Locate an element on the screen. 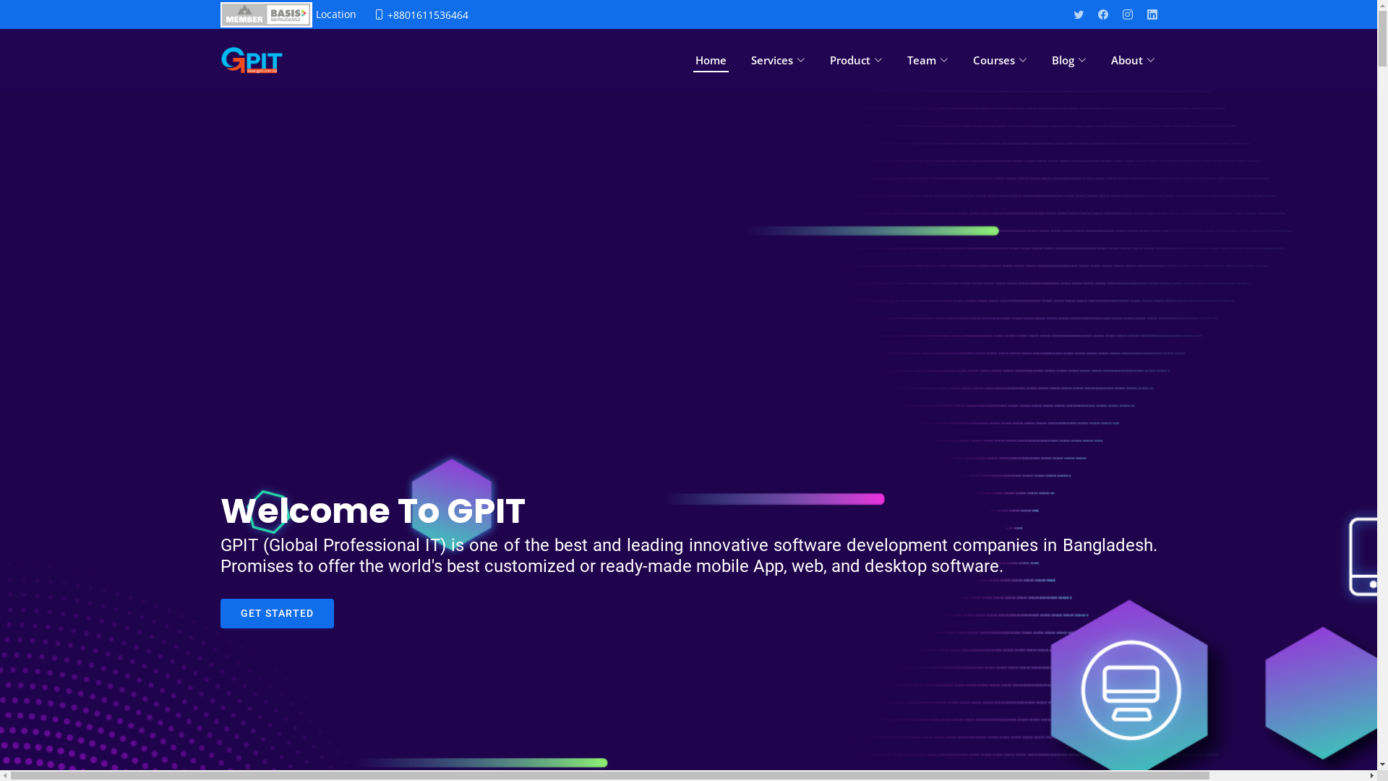 The width and height of the screenshot is (1388, 781). 'About' is located at coordinates (1132, 59).